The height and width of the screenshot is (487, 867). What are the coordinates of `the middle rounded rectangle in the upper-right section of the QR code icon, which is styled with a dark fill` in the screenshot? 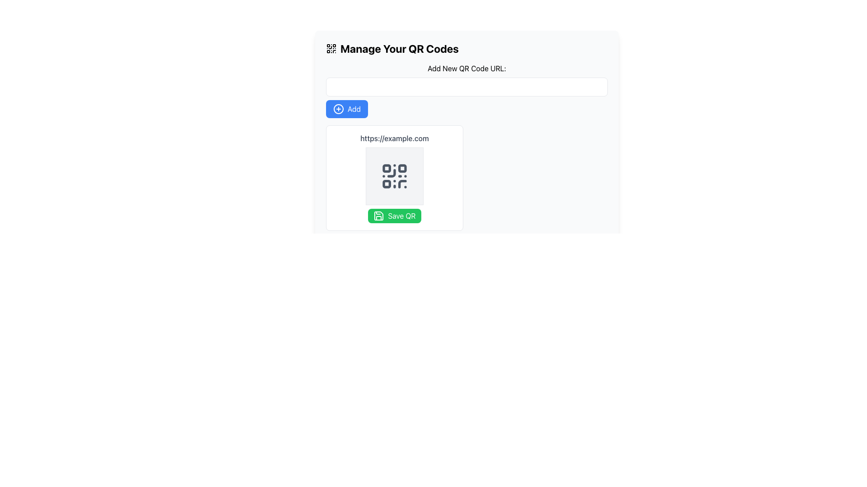 It's located at (402, 168).